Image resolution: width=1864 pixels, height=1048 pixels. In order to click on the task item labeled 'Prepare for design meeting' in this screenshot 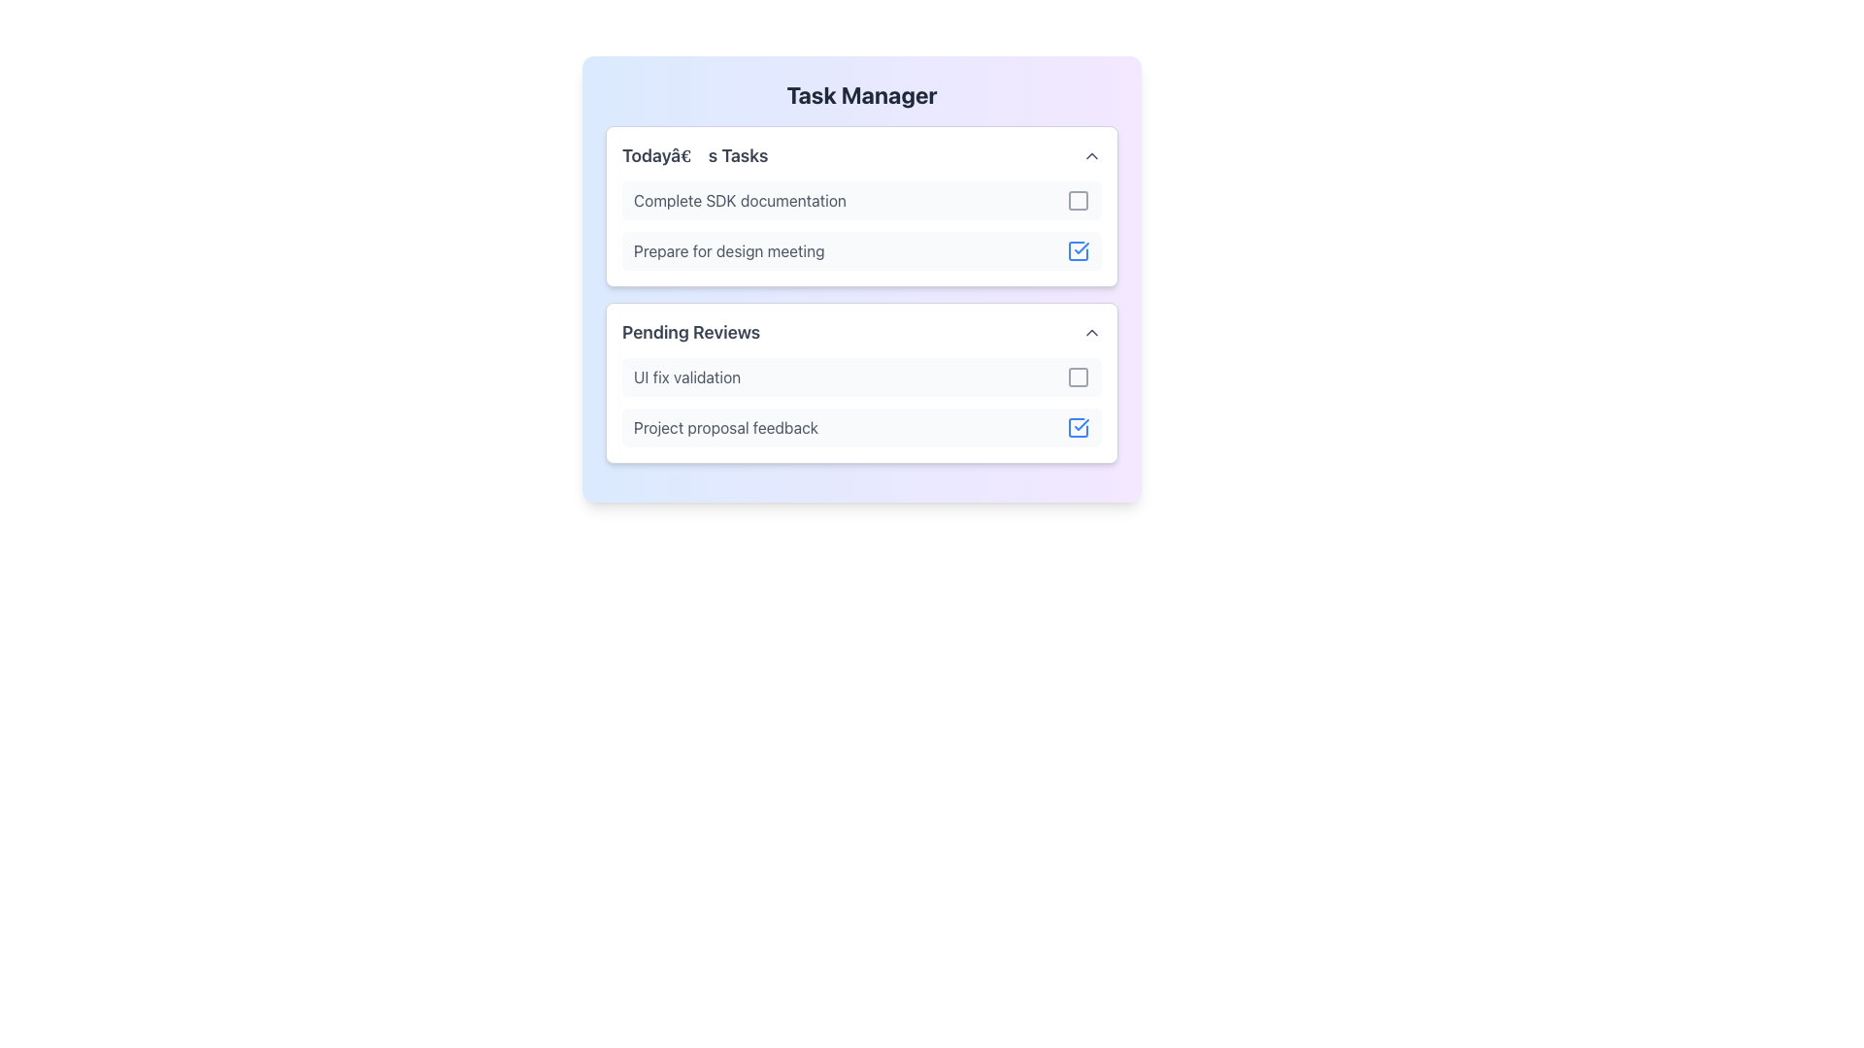, I will do `click(861, 249)`.